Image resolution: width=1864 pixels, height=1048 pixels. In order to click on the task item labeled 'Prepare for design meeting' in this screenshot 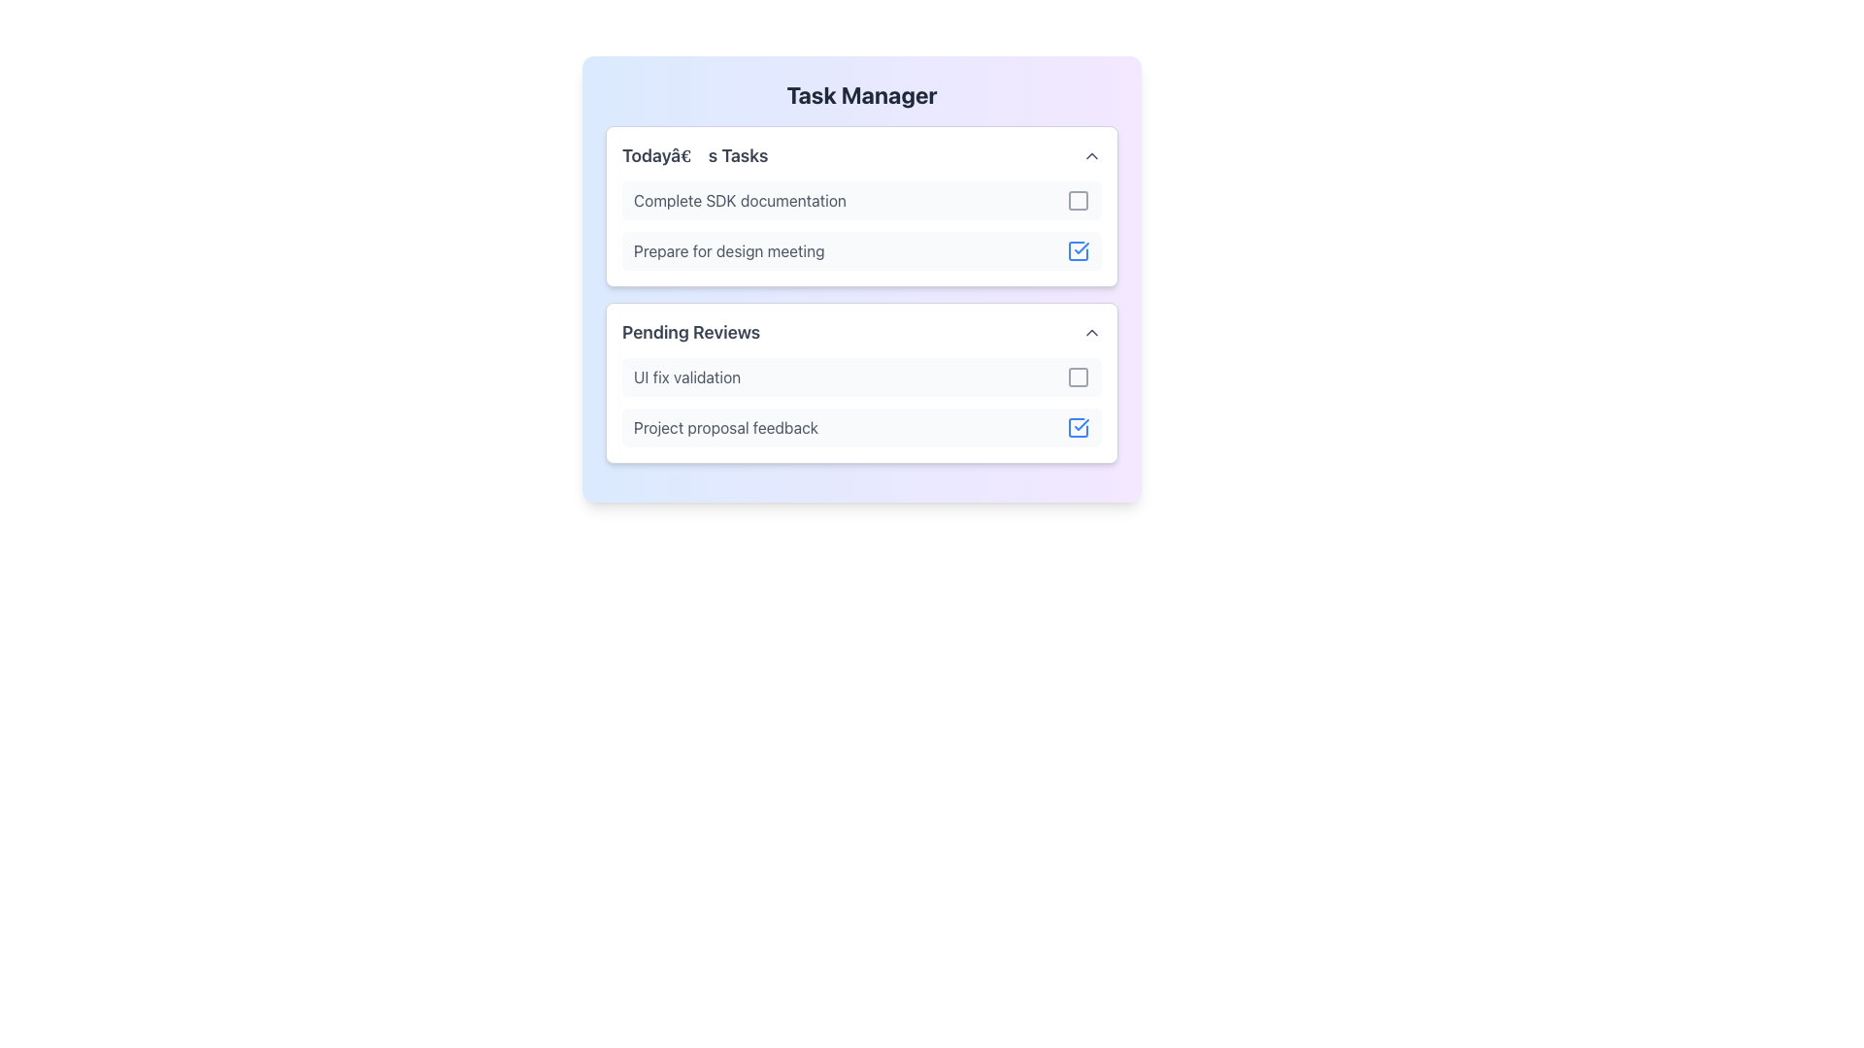, I will do `click(861, 249)`.